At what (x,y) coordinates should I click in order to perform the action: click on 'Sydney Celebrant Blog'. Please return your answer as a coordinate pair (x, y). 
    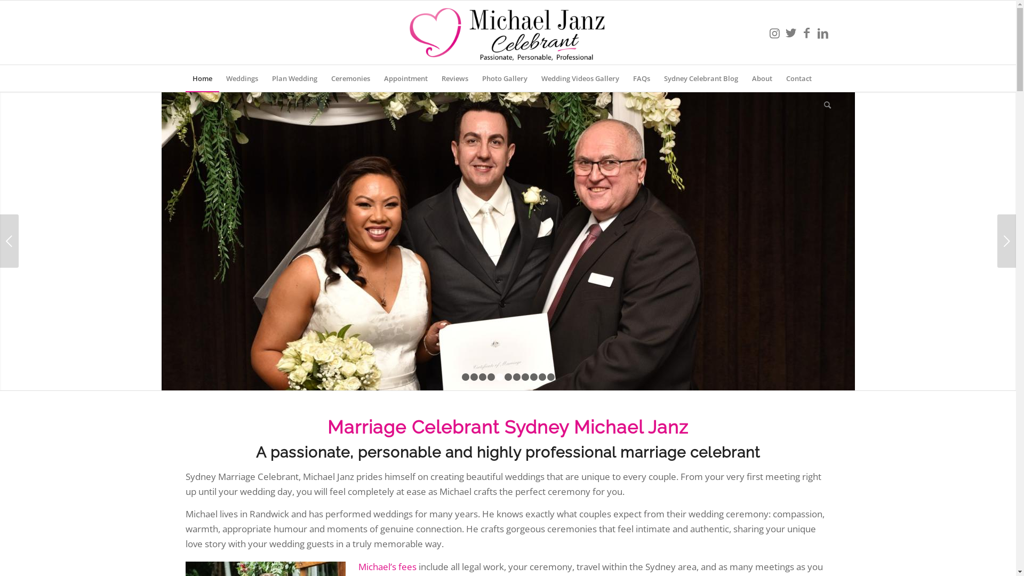
    Looking at the image, I should click on (657, 77).